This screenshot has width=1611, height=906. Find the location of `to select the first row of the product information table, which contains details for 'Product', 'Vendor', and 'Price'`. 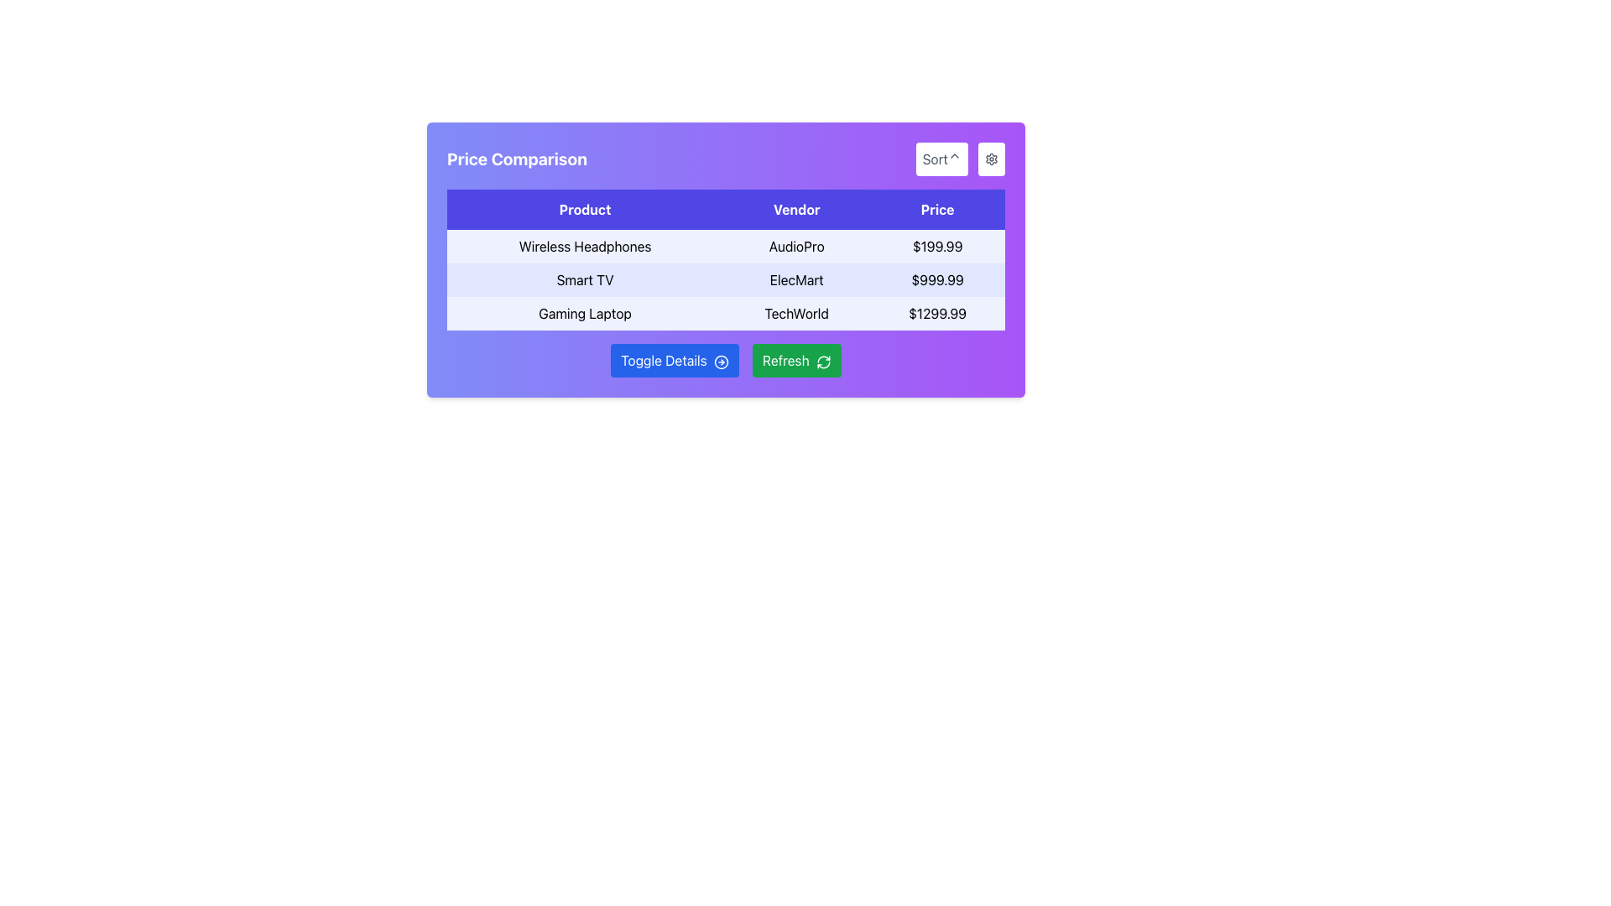

to select the first row of the product information table, which contains details for 'Product', 'Vendor', and 'Price' is located at coordinates (726, 246).